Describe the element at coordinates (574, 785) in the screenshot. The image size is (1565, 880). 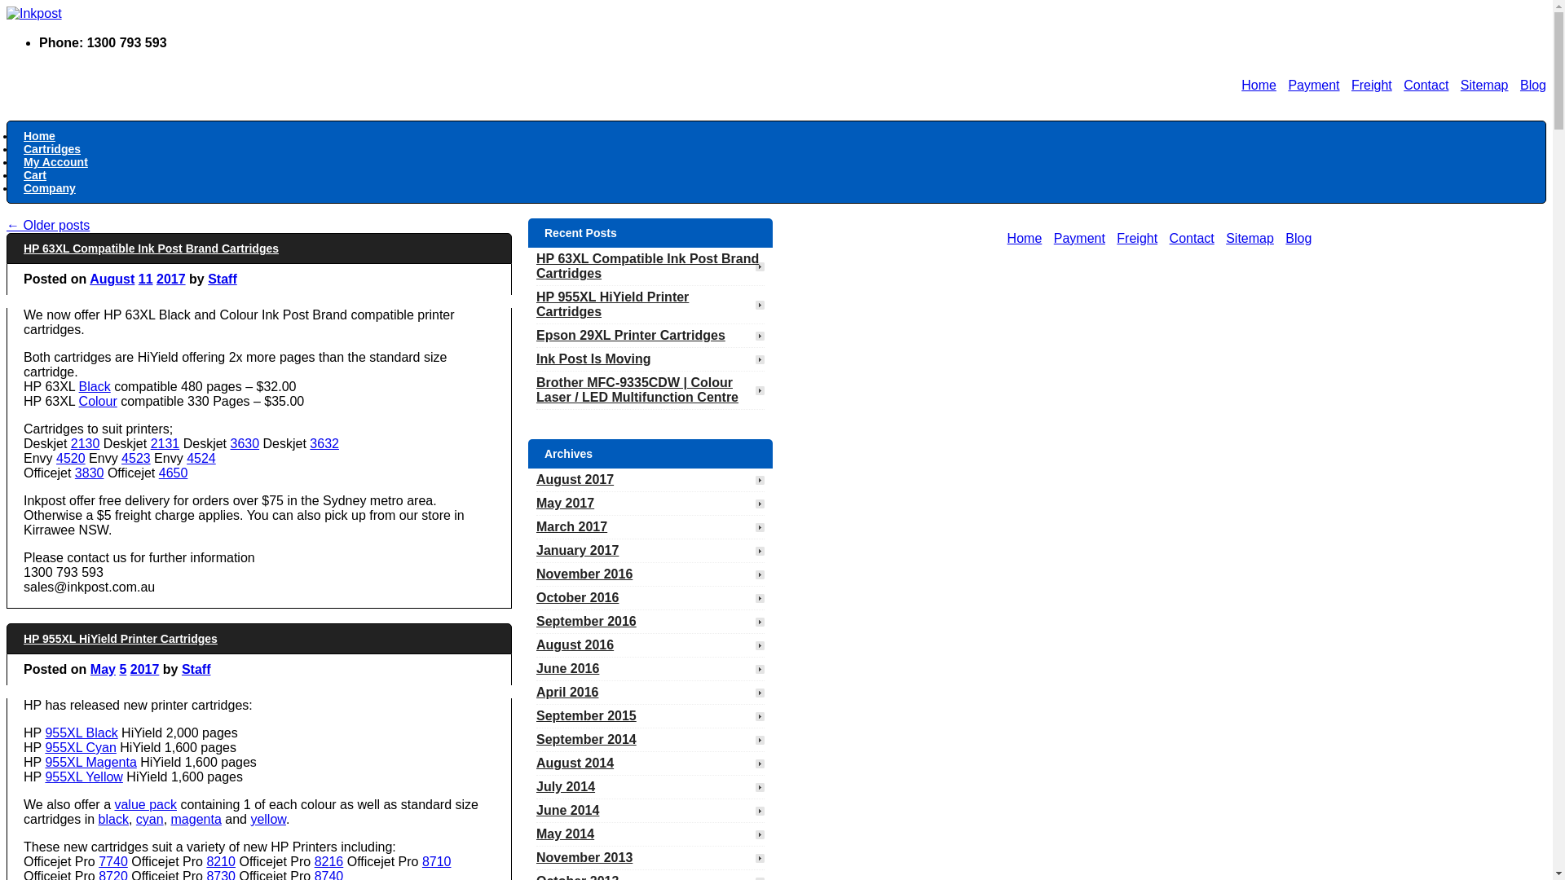
I see `'July 2014'` at that location.